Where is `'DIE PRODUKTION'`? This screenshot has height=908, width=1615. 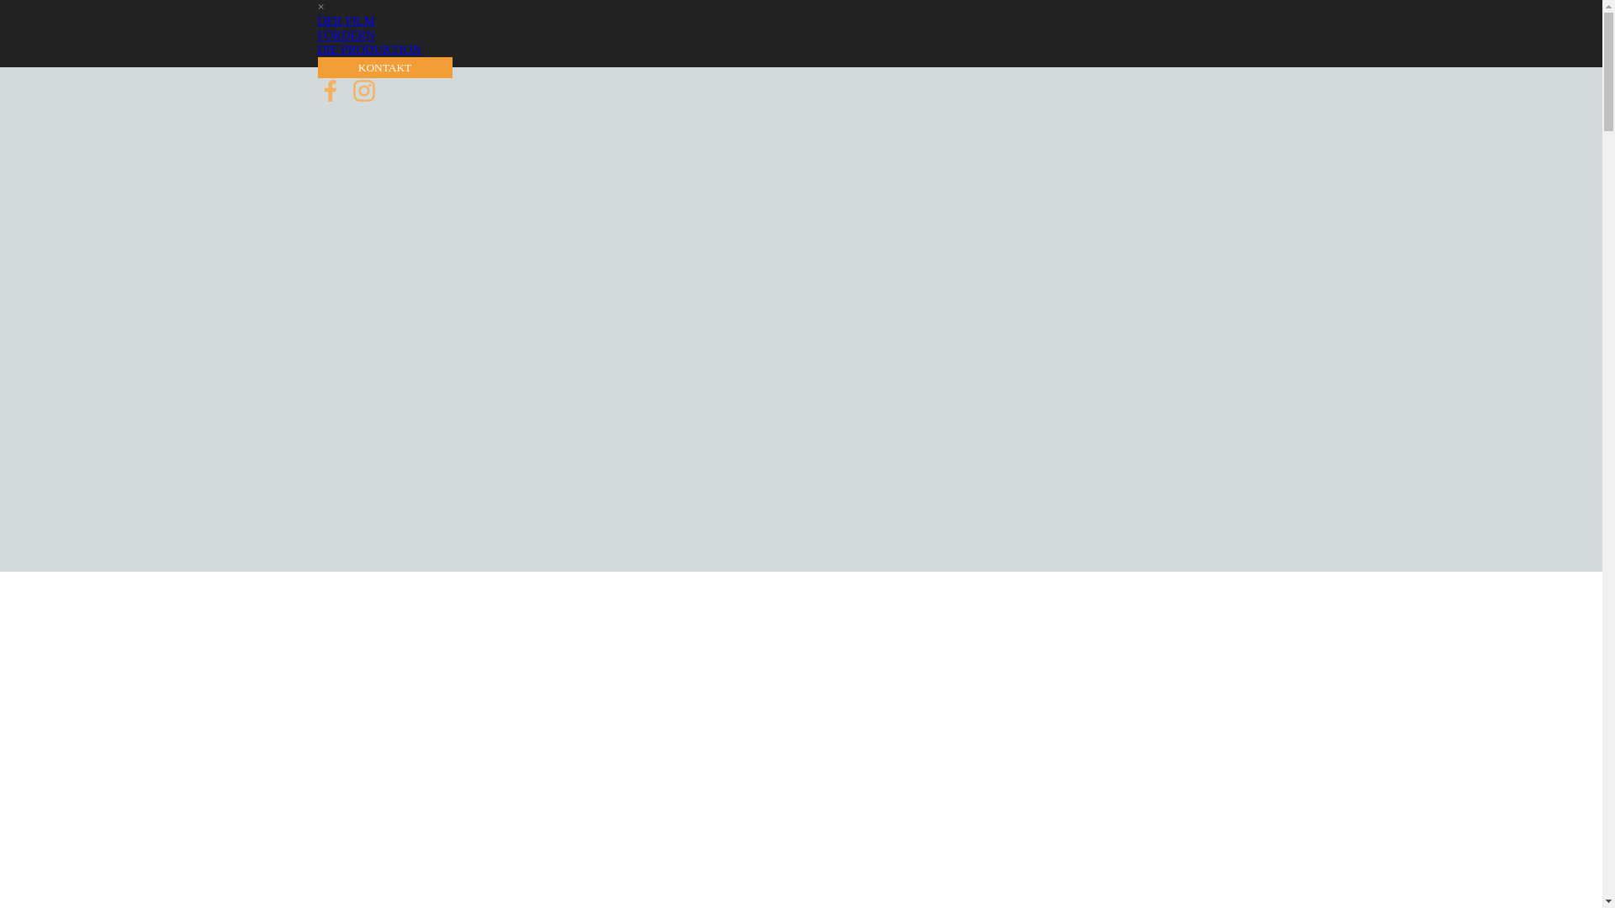 'DIE PRODUKTION' is located at coordinates (318, 48).